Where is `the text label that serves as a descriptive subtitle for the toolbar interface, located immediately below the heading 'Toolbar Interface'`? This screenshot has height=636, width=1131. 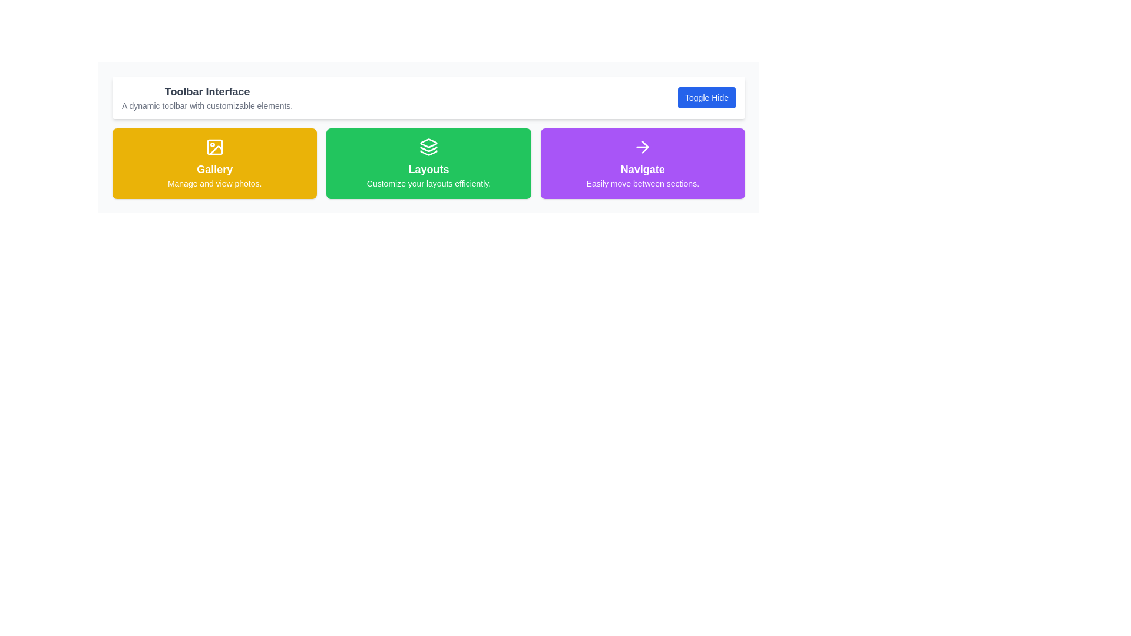
the text label that serves as a descriptive subtitle for the toolbar interface, located immediately below the heading 'Toolbar Interface' is located at coordinates (207, 106).